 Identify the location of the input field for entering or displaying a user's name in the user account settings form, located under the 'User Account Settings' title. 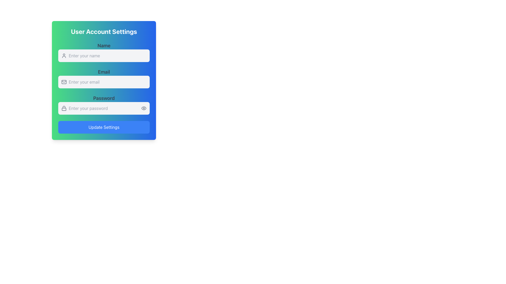
(104, 52).